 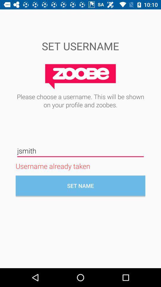 What do you see at coordinates (80, 185) in the screenshot?
I see `set name item` at bounding box center [80, 185].